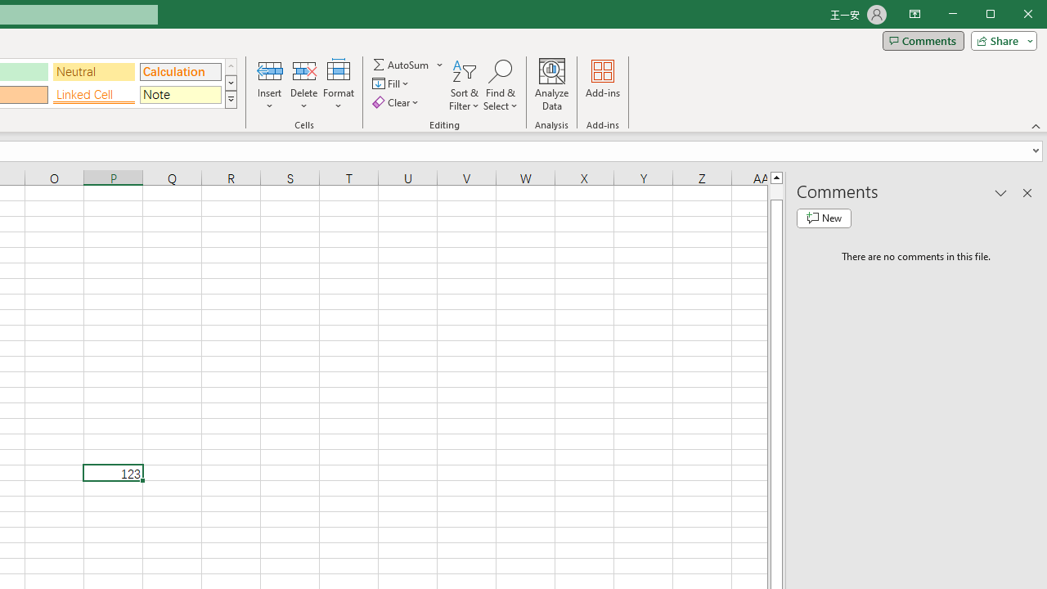 The image size is (1047, 589). I want to click on 'Fill', so click(391, 83).